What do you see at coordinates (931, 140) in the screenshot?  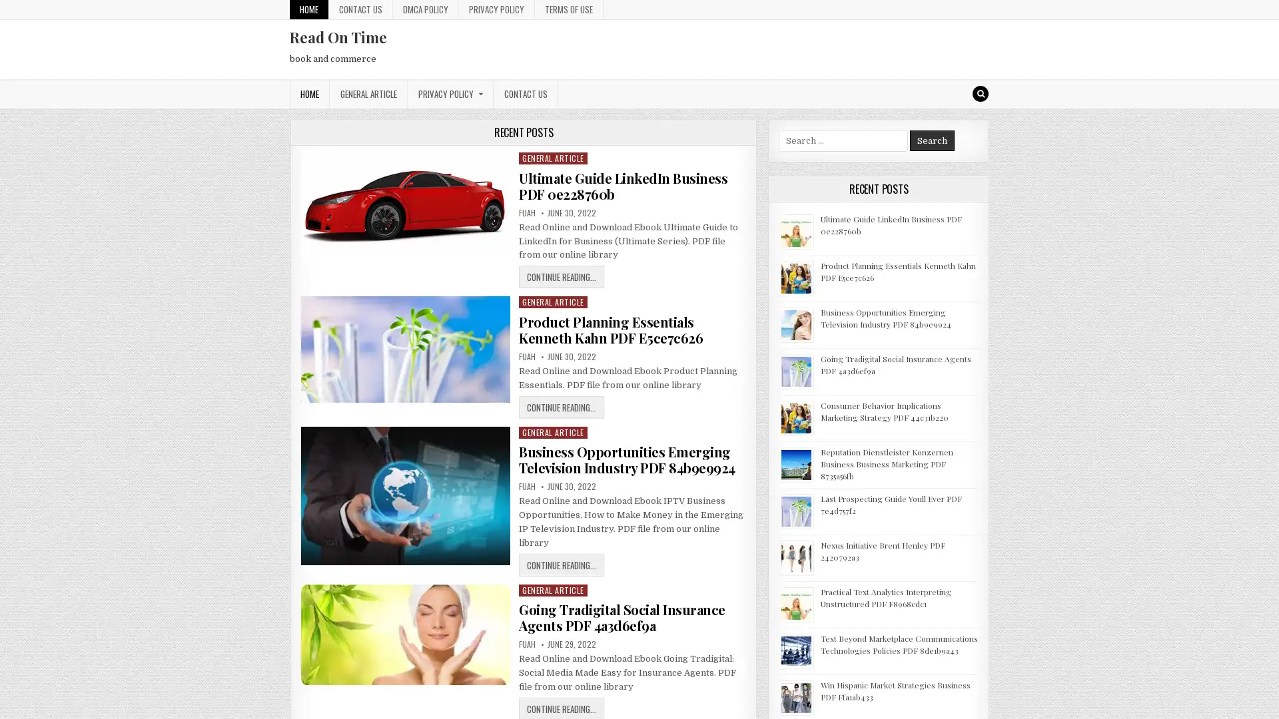 I see `Search` at bounding box center [931, 140].